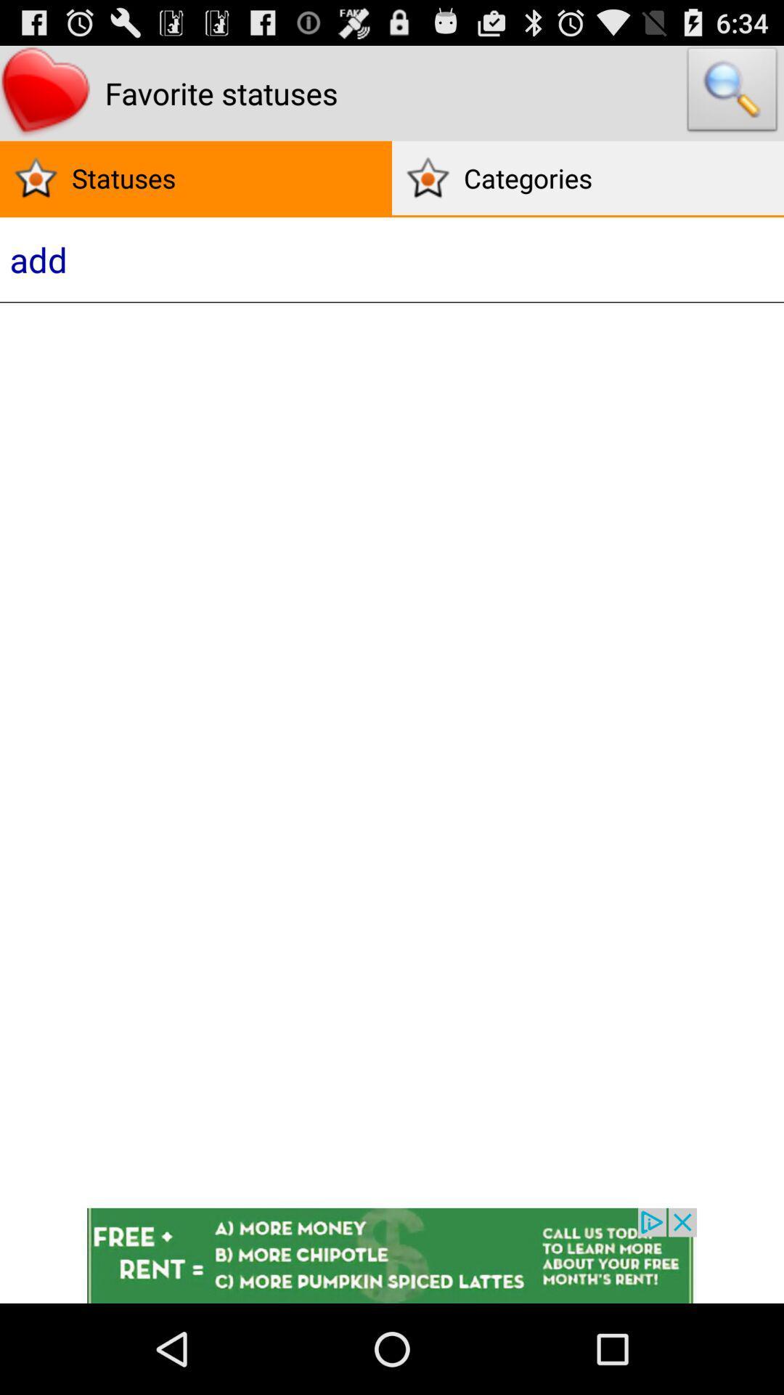 The height and width of the screenshot is (1395, 784). Describe the element at coordinates (392, 1255) in the screenshot. I see `click advertisement` at that location.